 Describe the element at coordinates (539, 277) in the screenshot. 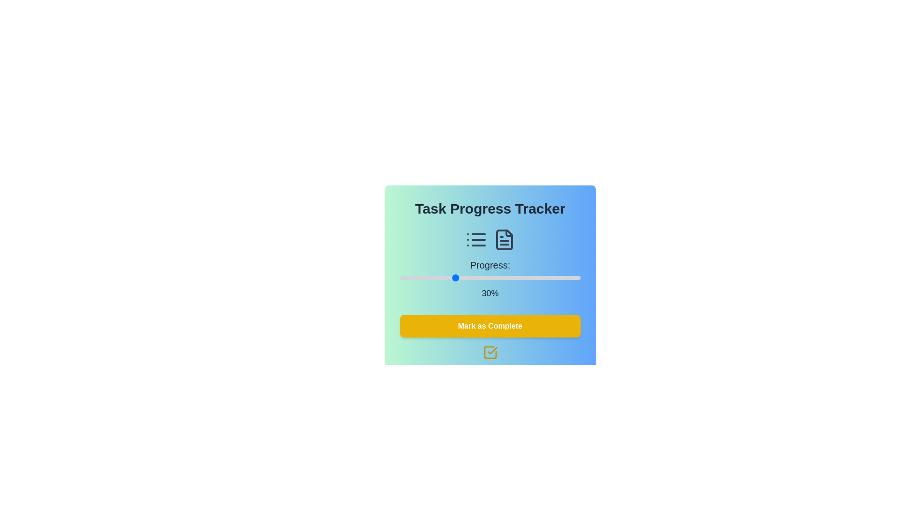

I see `the slider to set the progress to 77%` at that location.